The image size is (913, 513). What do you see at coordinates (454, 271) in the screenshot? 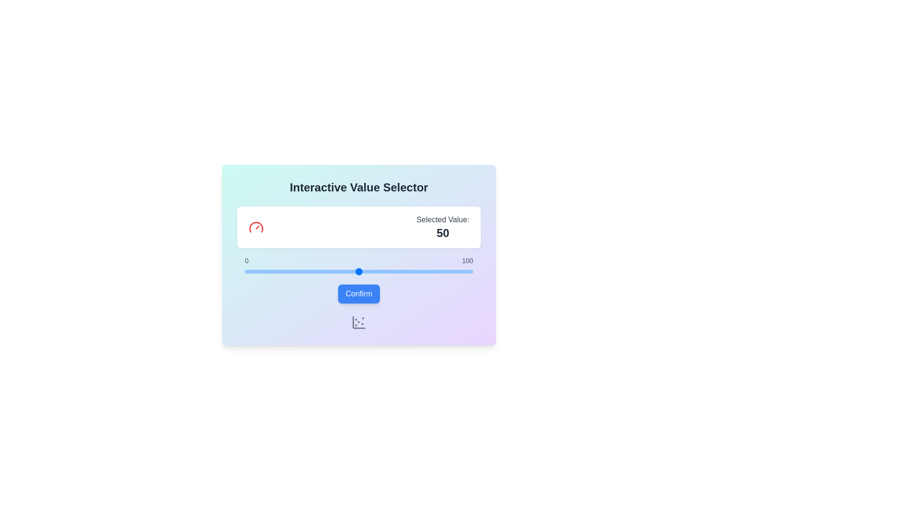
I see `the slider to set the value to 92` at bounding box center [454, 271].